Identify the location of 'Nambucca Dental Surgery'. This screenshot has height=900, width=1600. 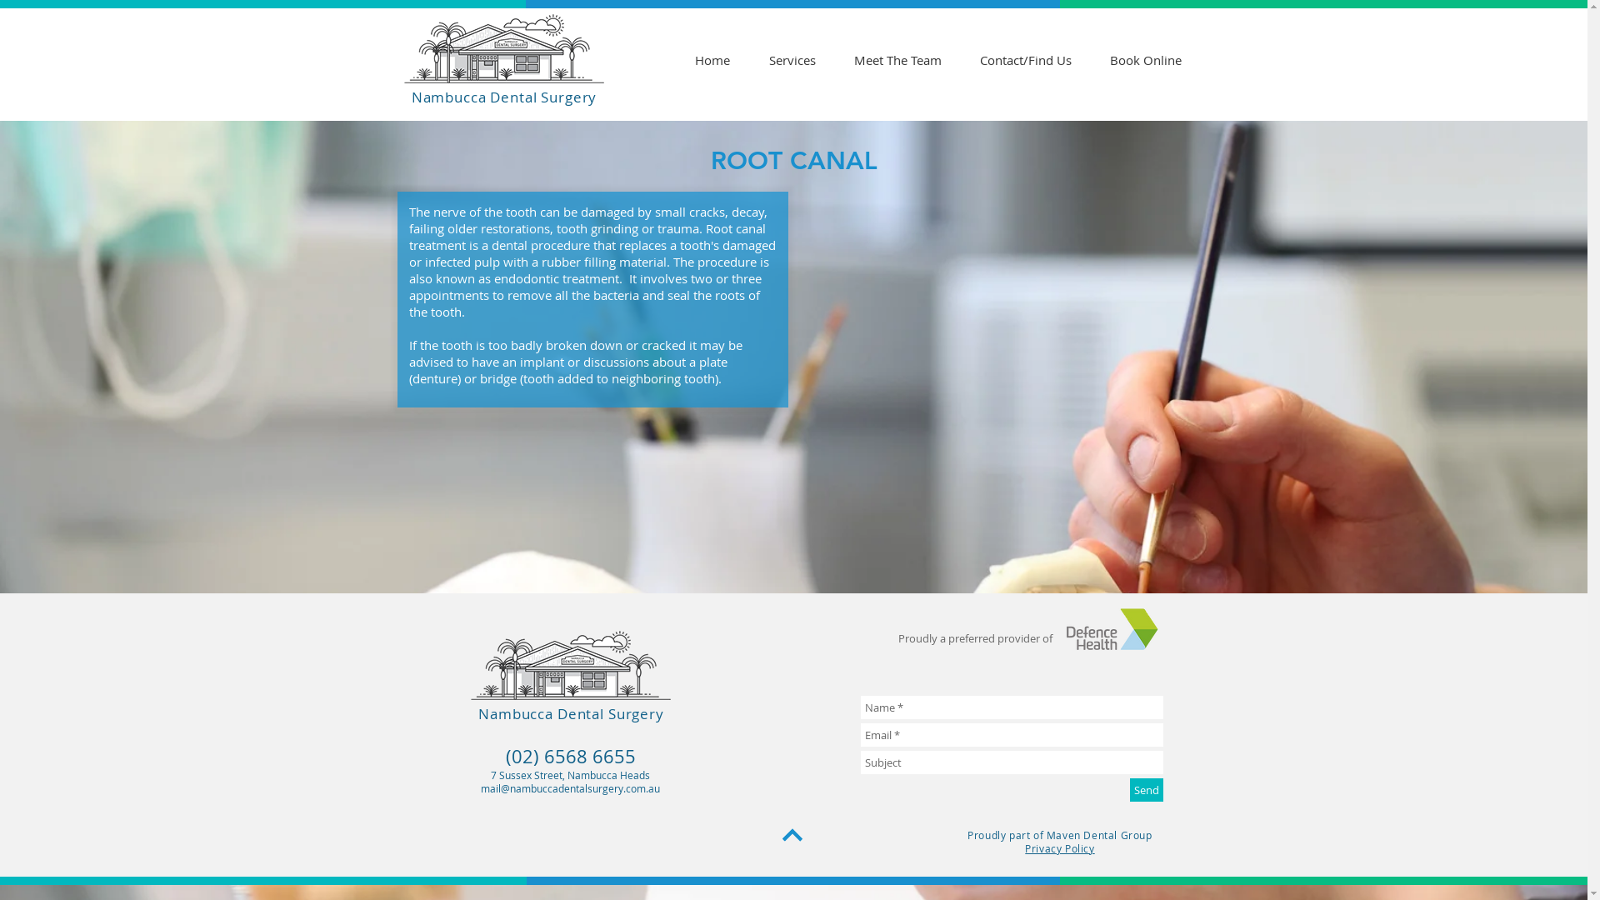
(571, 712).